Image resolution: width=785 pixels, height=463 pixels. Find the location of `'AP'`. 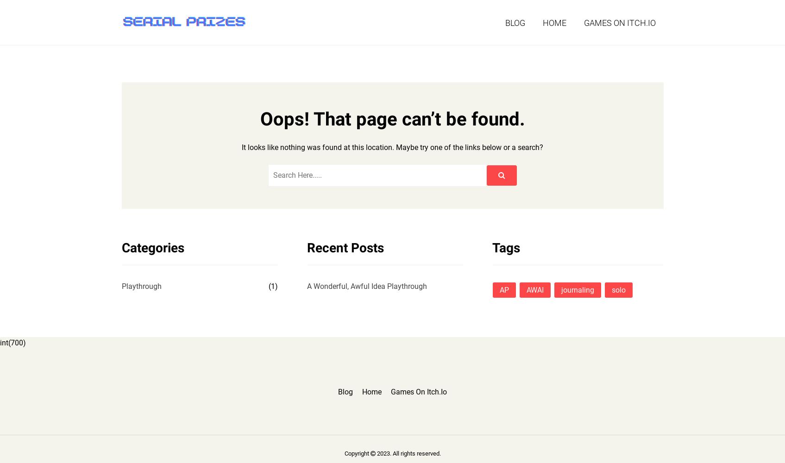

'AP' is located at coordinates (504, 289).